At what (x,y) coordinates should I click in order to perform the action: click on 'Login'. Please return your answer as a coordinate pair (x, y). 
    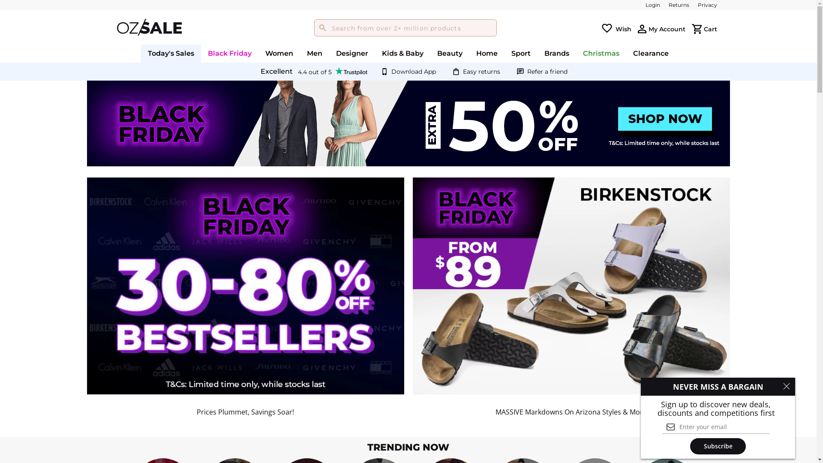
    Looking at the image, I should click on (646, 5).